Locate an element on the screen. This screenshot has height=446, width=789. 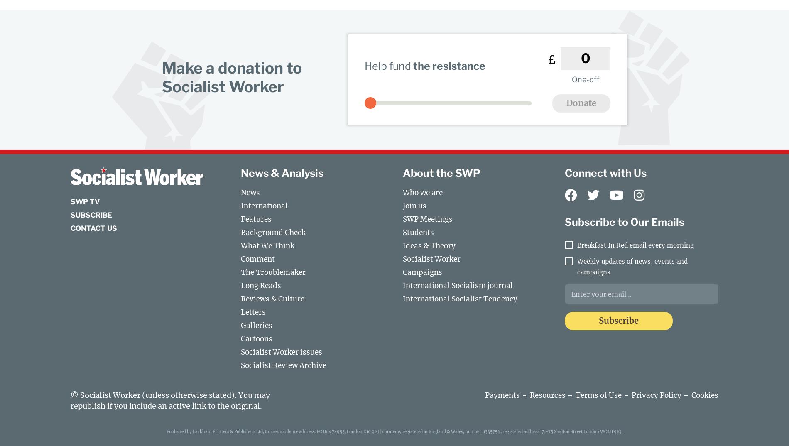
'SWP Meetings' is located at coordinates (427, 219).